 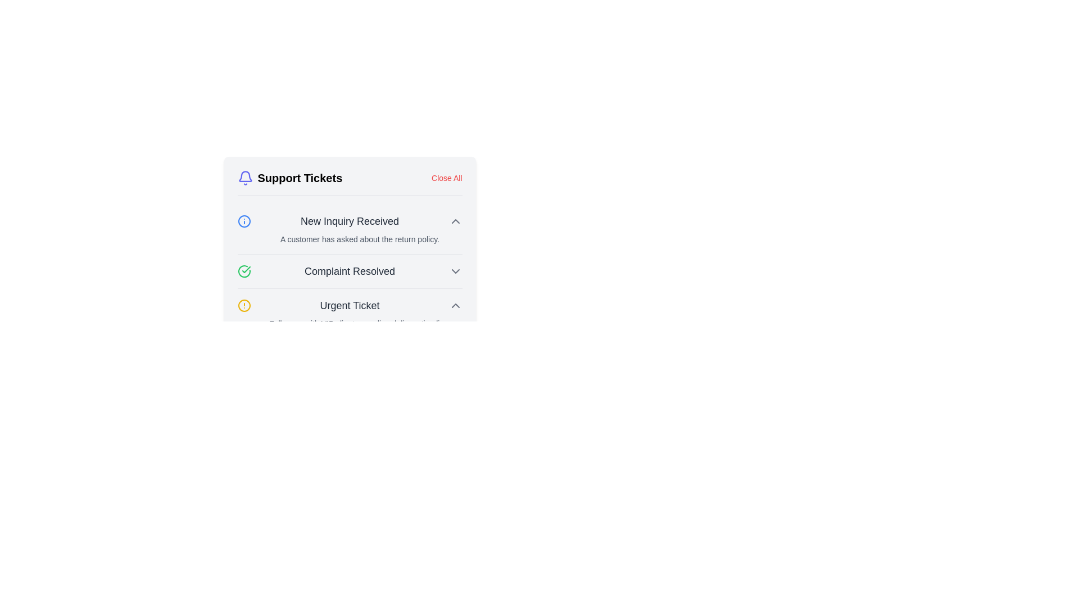 I want to click on the SVG Circle element that provides informational context in the 'Support Tickets' notification box for accessibility tools, so click(x=243, y=221).